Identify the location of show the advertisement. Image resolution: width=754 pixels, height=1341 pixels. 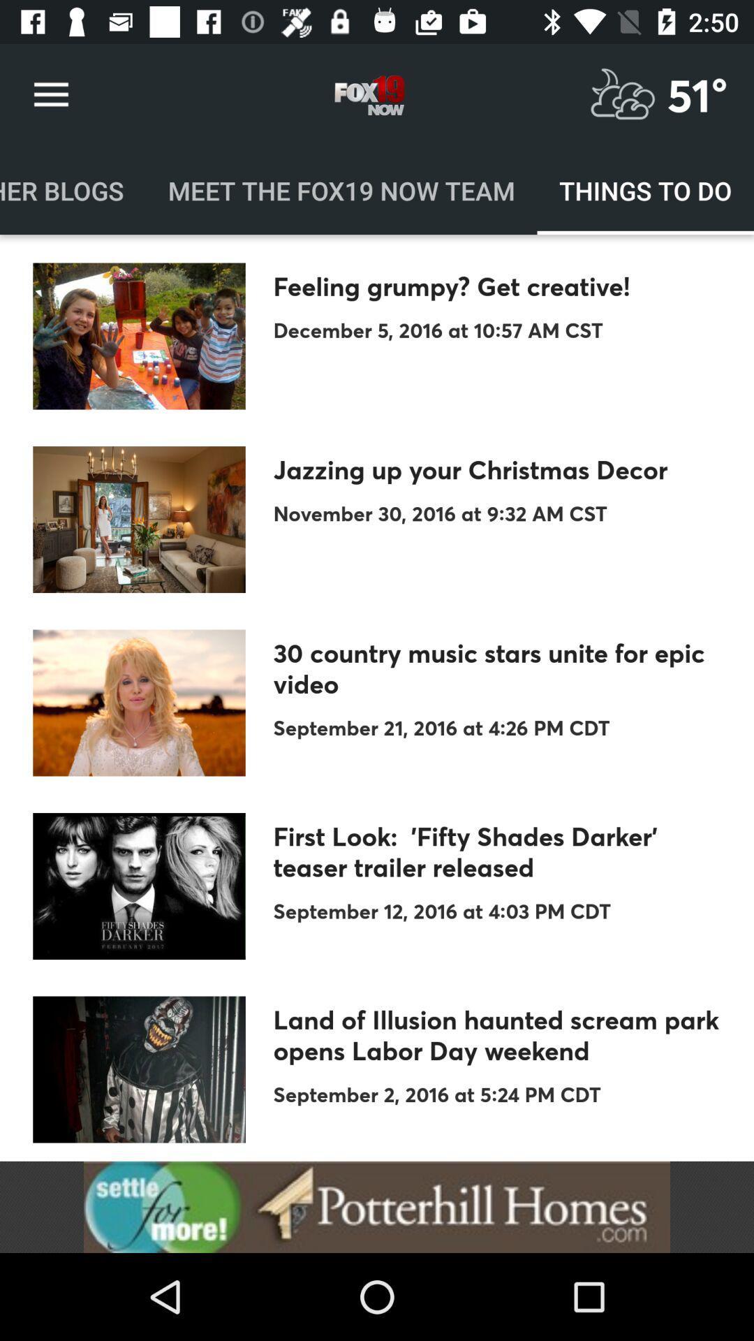
(377, 1206).